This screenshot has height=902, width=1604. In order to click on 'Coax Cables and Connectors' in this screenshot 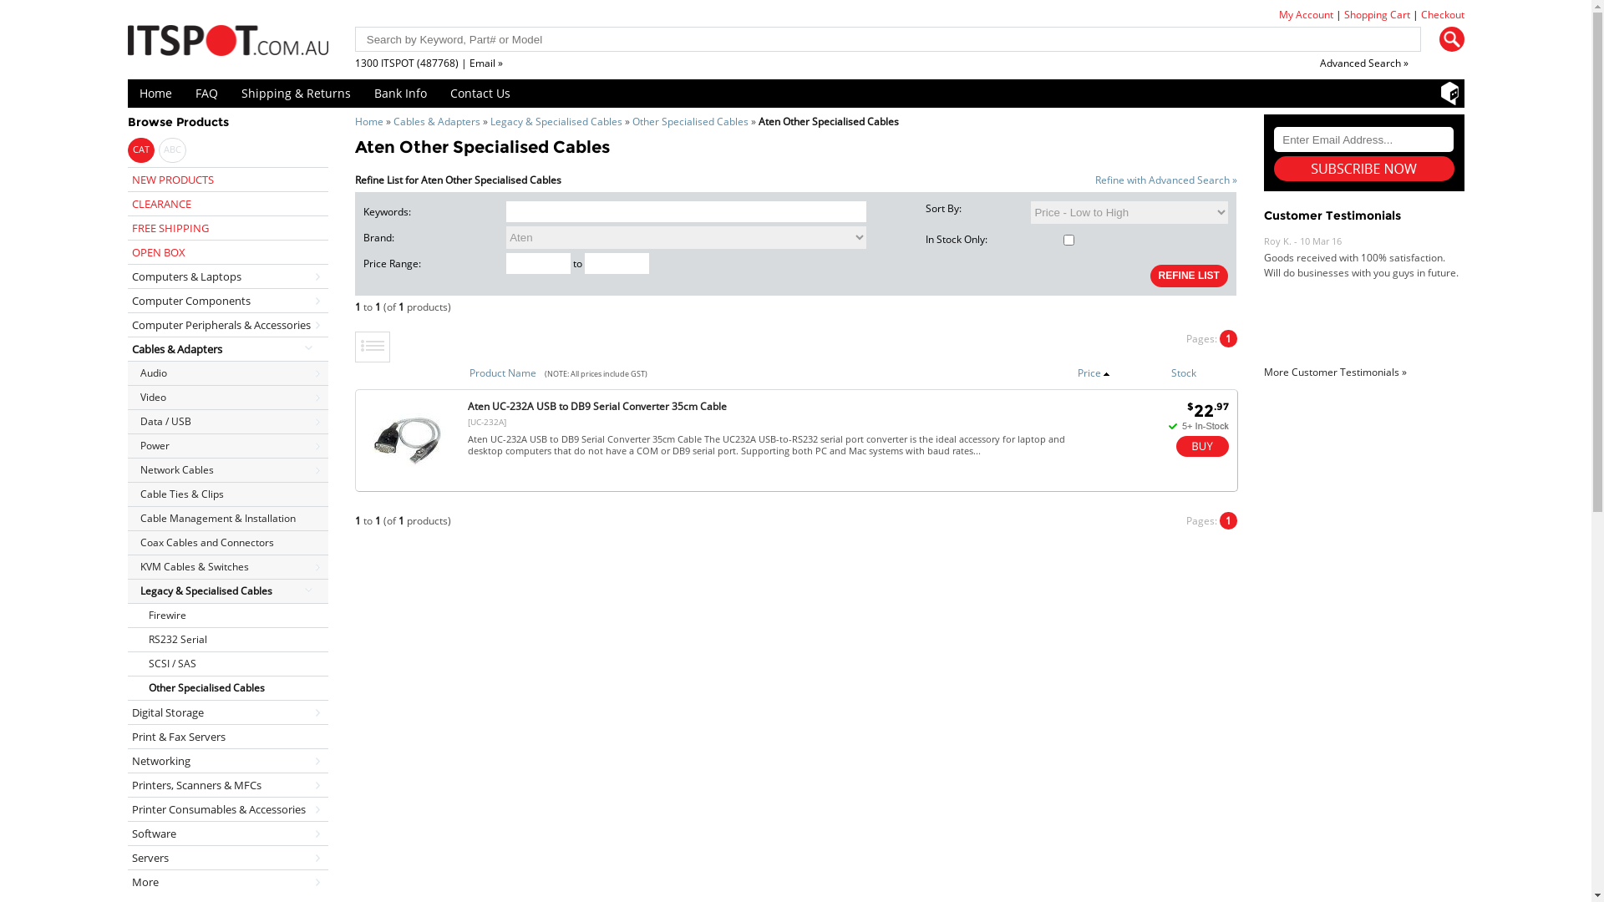, I will do `click(226, 542)`.